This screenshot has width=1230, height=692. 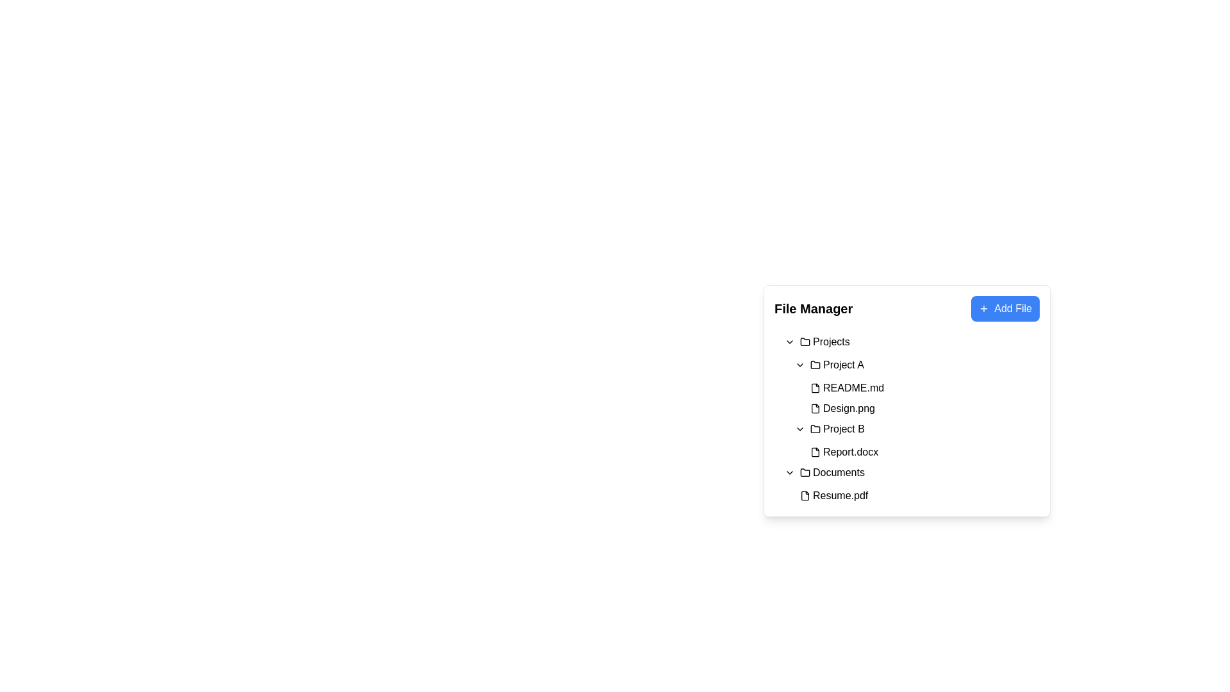 I want to click on the text label 'Report.docx', so click(x=851, y=451).